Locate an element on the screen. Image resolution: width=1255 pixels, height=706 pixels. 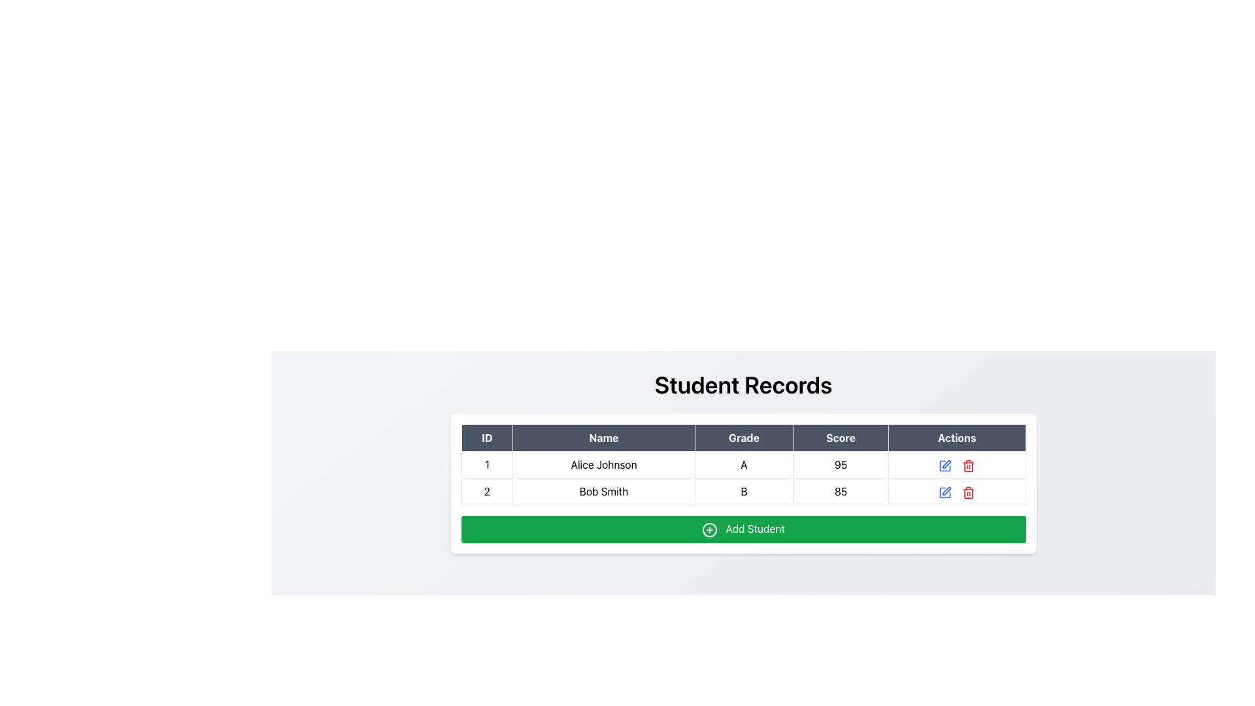
the 'Add Student' button, which is a rectangular button with a green background and white text, located beneath the student records table is located at coordinates (743, 528).